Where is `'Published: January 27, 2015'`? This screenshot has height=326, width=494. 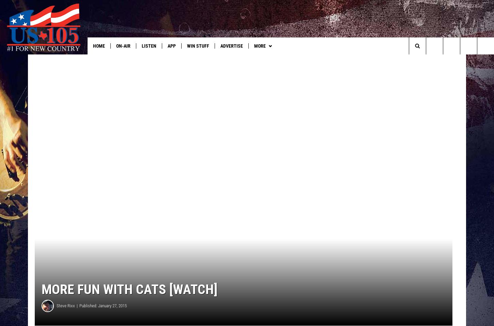
'Published: January 27, 2015' is located at coordinates (103, 316).